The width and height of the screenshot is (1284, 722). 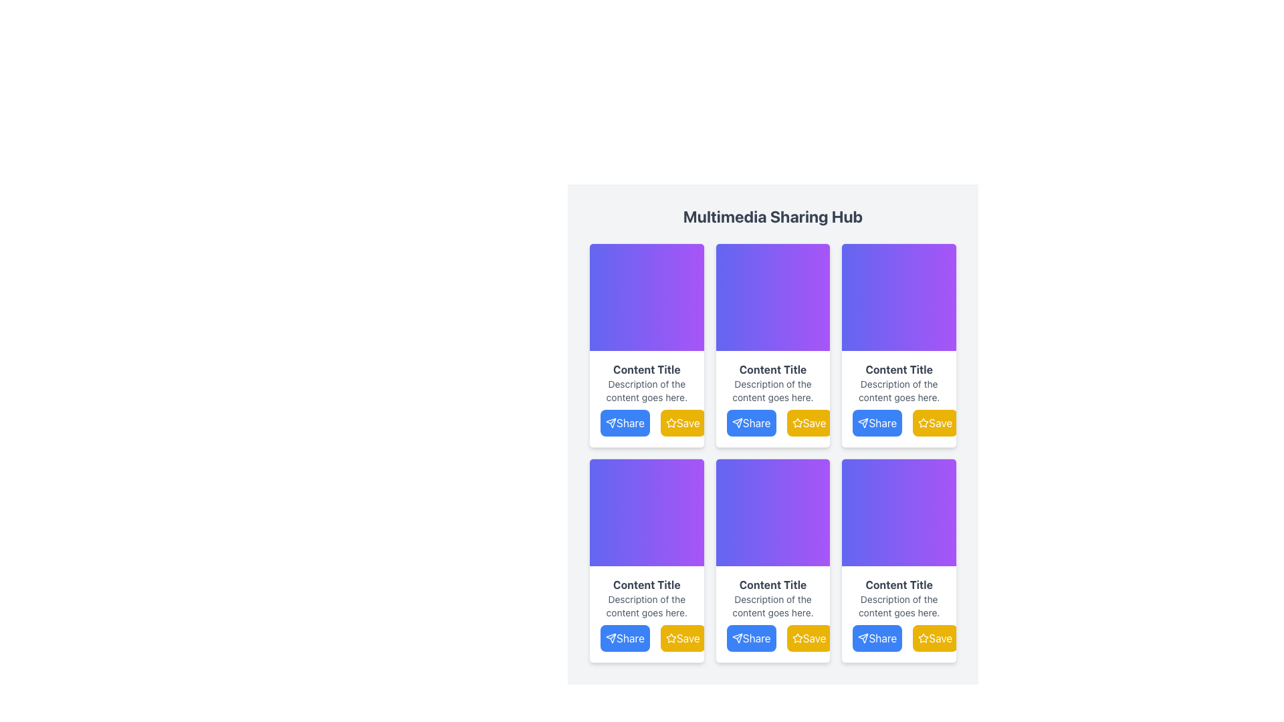 I want to click on the 'Share' button with a blue background and white text, located in the fourth card from the left in the grid layout, below the Content Title and description, so click(x=773, y=638).